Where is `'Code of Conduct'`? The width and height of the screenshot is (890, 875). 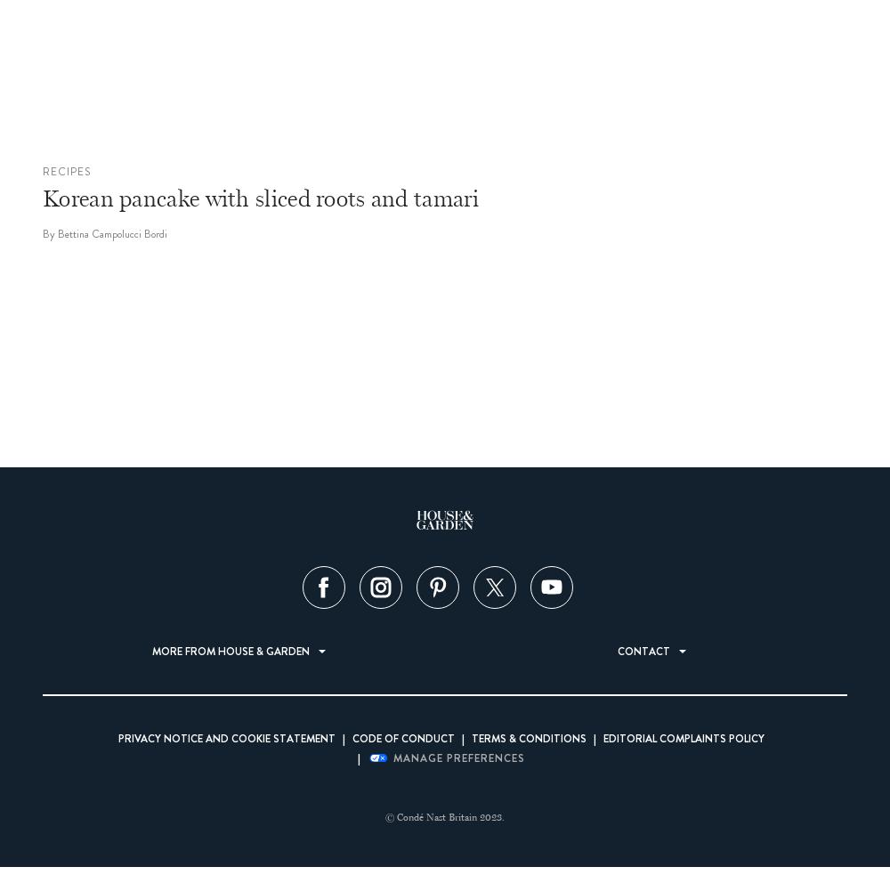
'Code of Conduct' is located at coordinates (352, 739).